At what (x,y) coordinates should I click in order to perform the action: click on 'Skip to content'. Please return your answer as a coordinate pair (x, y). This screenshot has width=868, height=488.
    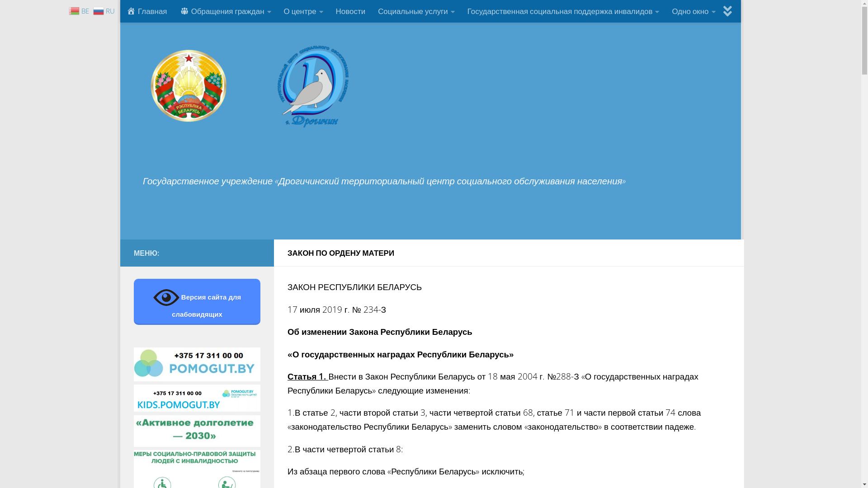
    Looking at the image, I should click on (160, 14).